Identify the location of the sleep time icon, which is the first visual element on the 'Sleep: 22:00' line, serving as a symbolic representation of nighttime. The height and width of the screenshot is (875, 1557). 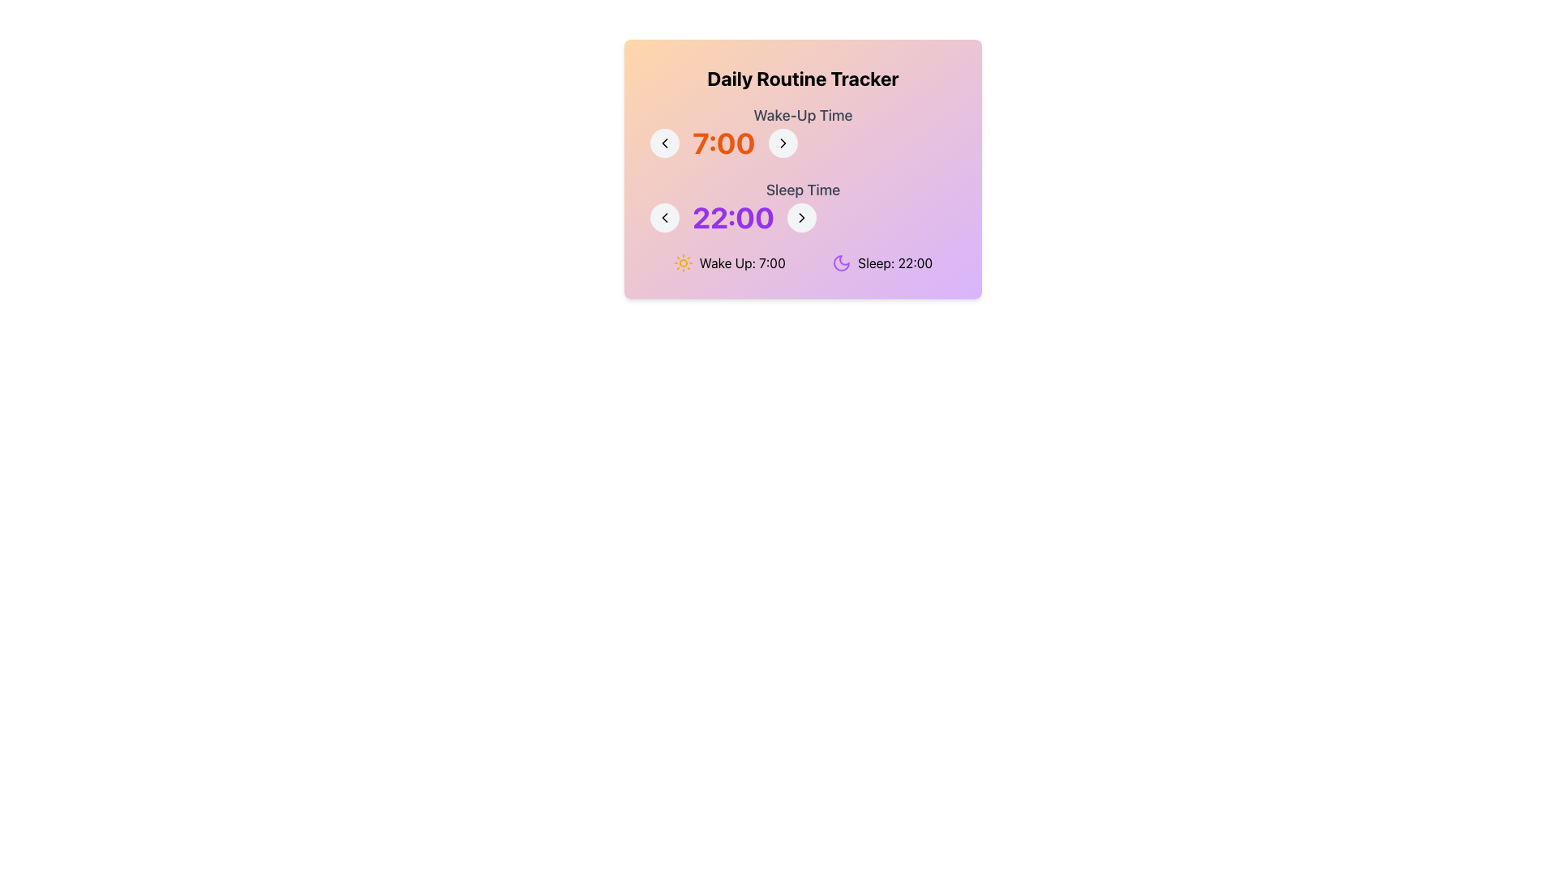
(842, 262).